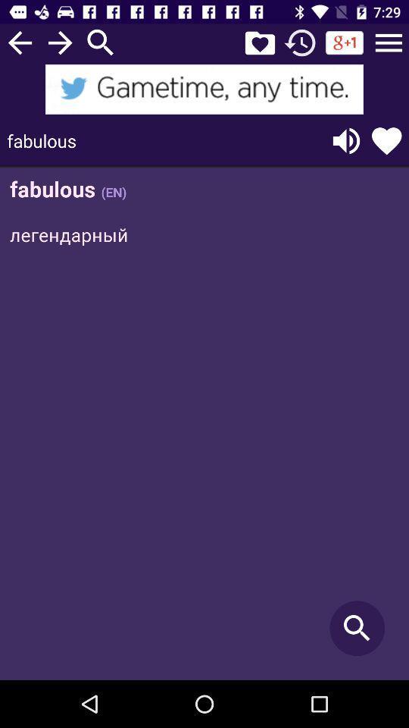 The width and height of the screenshot is (409, 728). I want to click on show menu, so click(389, 42).